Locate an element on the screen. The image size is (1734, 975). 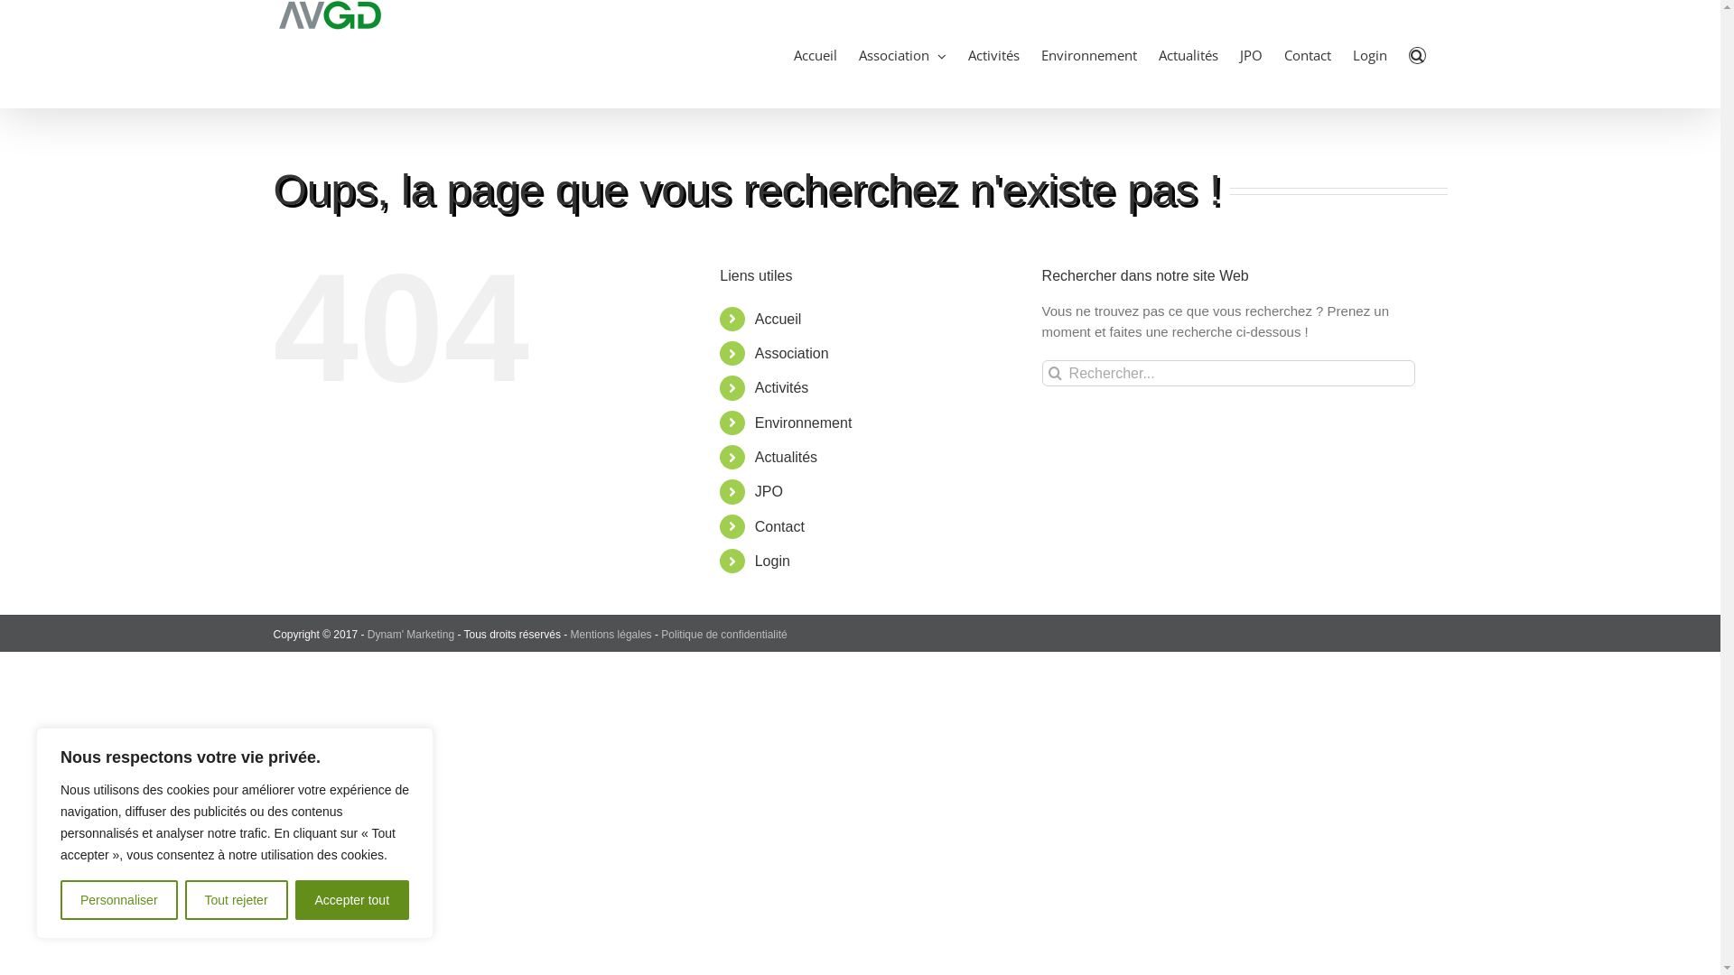
'JPO' is located at coordinates (754, 491).